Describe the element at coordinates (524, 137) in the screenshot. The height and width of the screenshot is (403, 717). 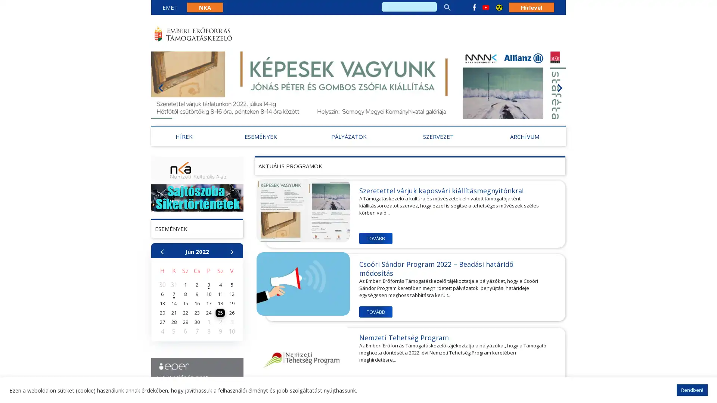
I see `ARCHIVUM` at that location.